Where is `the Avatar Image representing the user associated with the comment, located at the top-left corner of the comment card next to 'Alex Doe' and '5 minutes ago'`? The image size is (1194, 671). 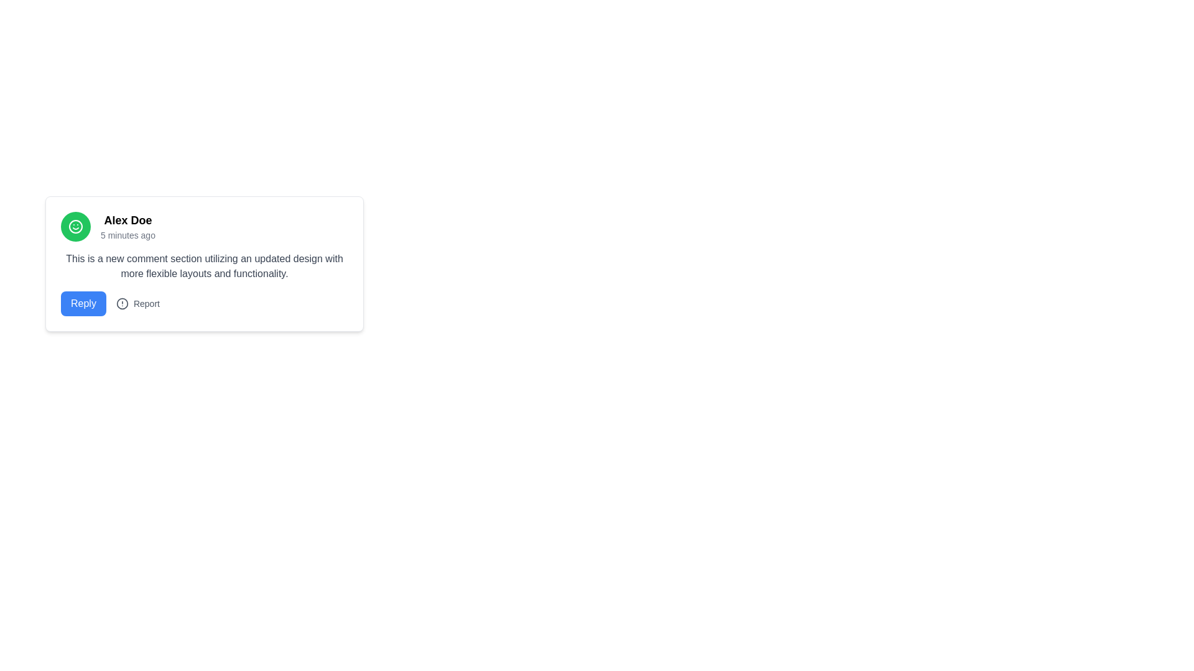 the Avatar Image representing the user associated with the comment, located at the top-left corner of the comment card next to 'Alex Doe' and '5 minutes ago' is located at coordinates (75, 227).